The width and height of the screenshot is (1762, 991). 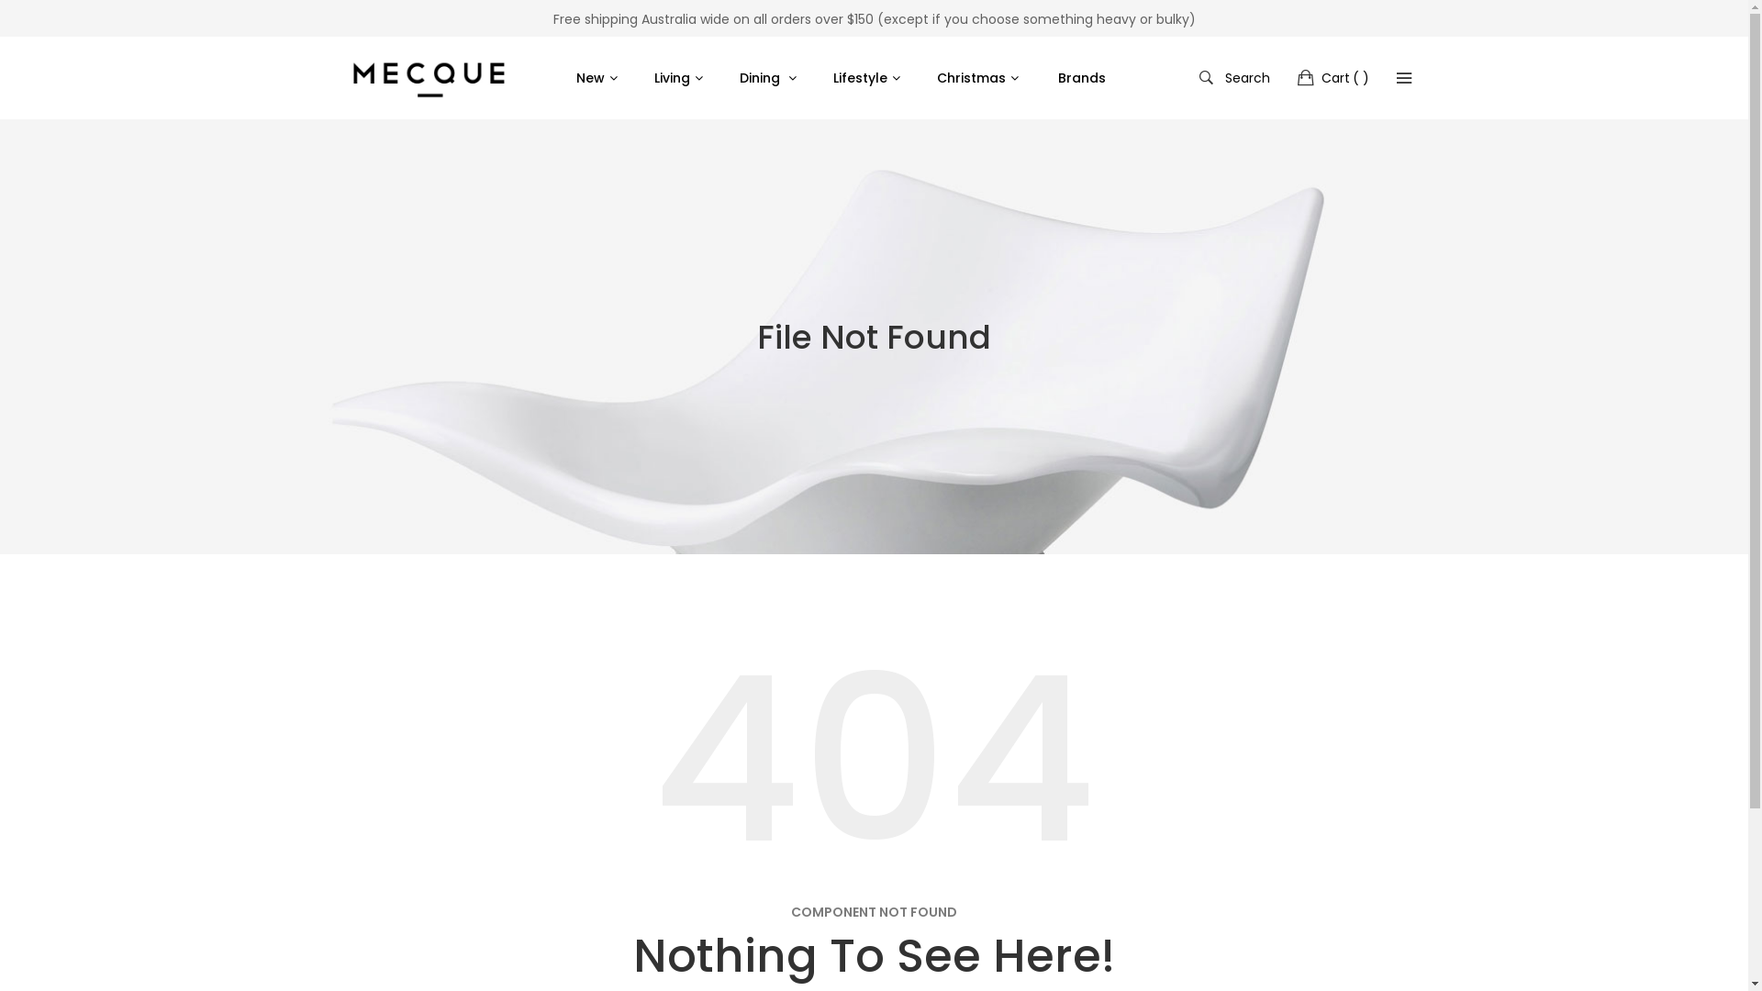 What do you see at coordinates (980, 76) in the screenshot?
I see `'Christmas'` at bounding box center [980, 76].